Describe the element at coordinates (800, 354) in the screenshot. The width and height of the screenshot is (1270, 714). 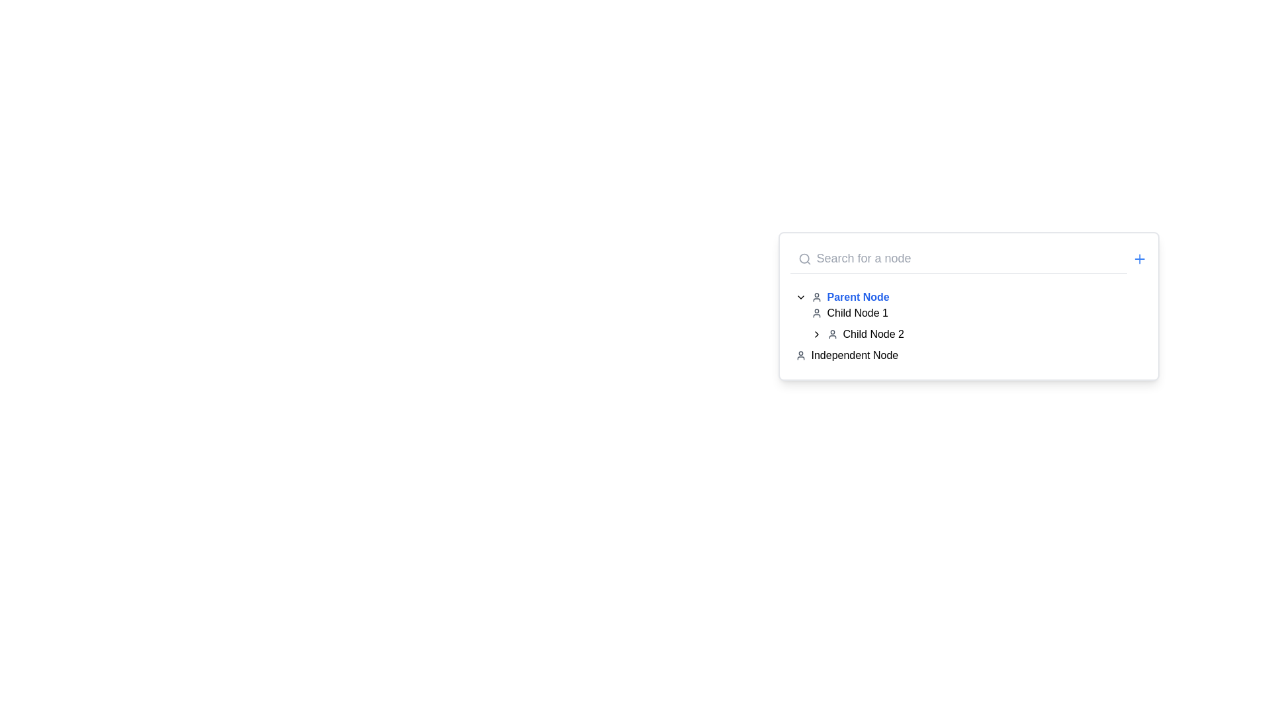
I see `the user icon, which is a silhouette of a head and shoulders, located in the top-right corner of the interface adjacent to the 'Independent Node' text` at that location.